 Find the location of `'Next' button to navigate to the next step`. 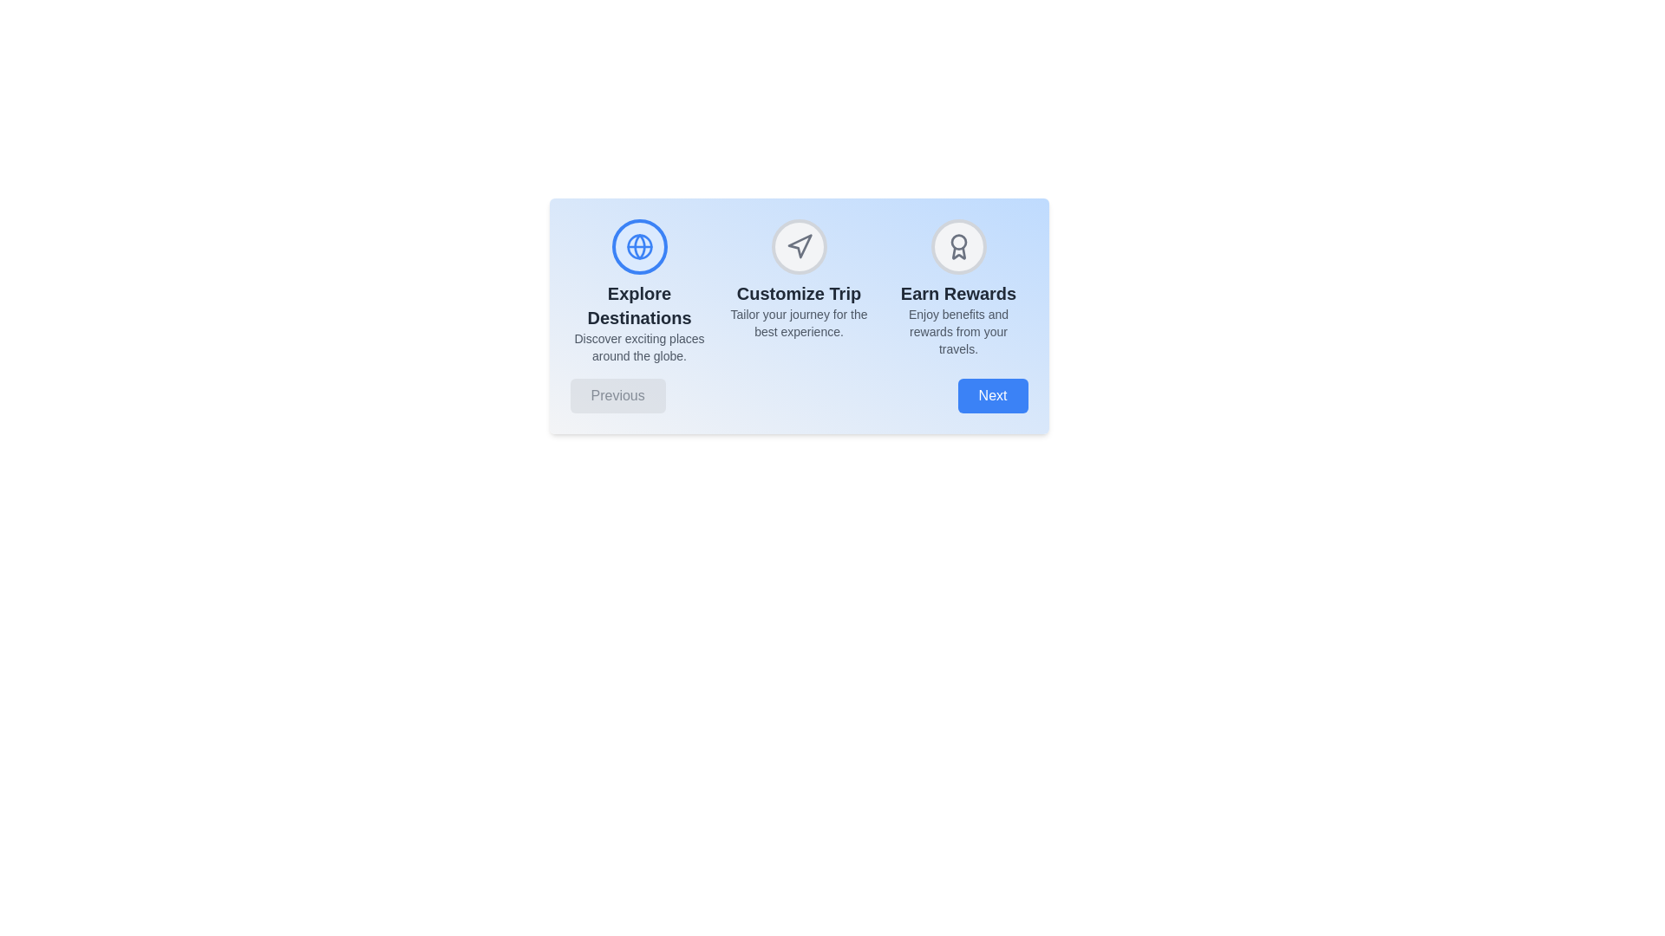

'Next' button to navigate to the next step is located at coordinates (993, 395).